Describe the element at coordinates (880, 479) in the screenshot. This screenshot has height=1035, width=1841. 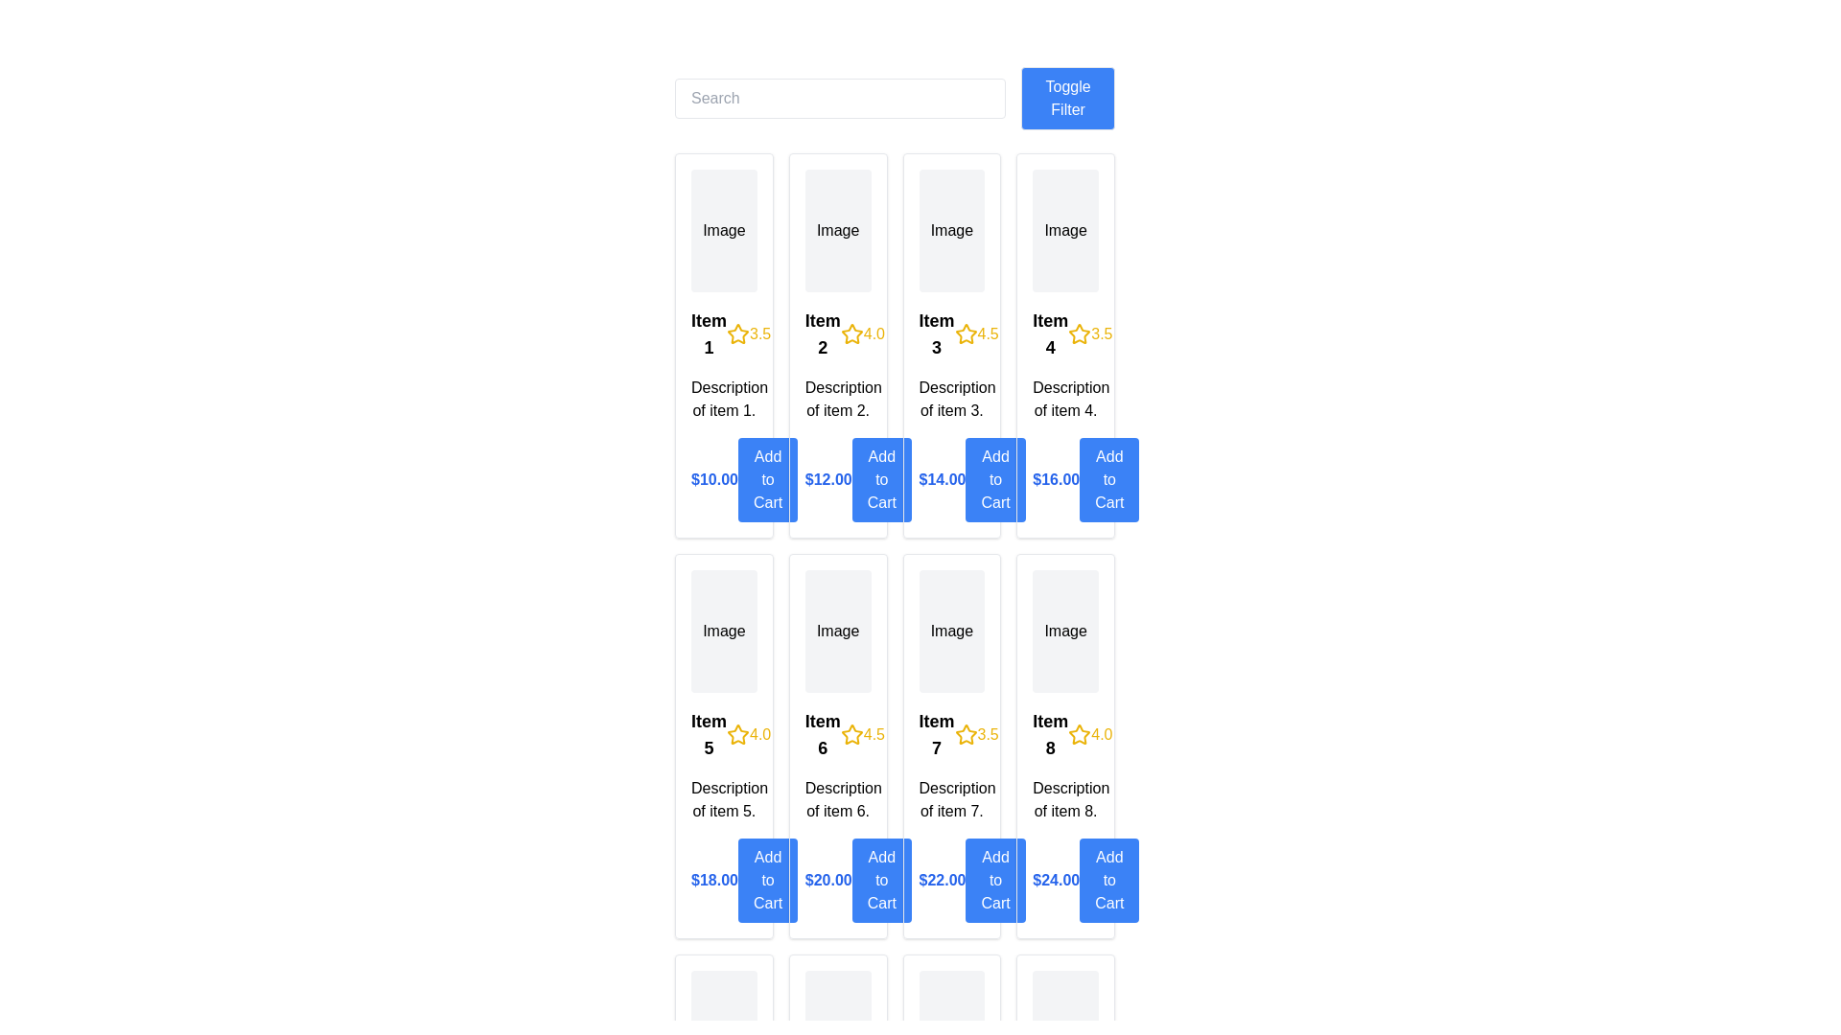
I see `the 'Add to Cart' button located in the second item card, positioned to the right of the price label ('$12.00')` at that location.